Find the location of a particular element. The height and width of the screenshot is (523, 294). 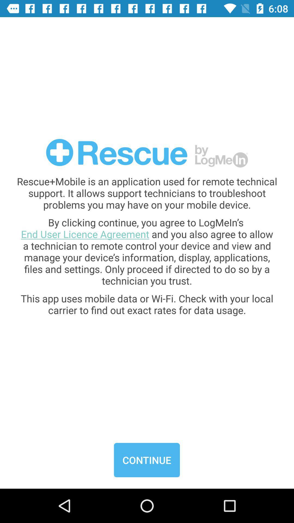

by clicking continue item is located at coordinates (147, 251).